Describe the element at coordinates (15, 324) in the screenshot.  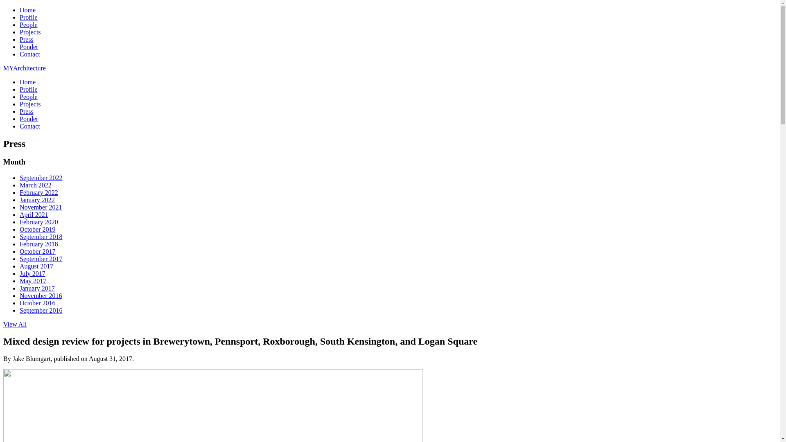
I see `'View All'` at that location.